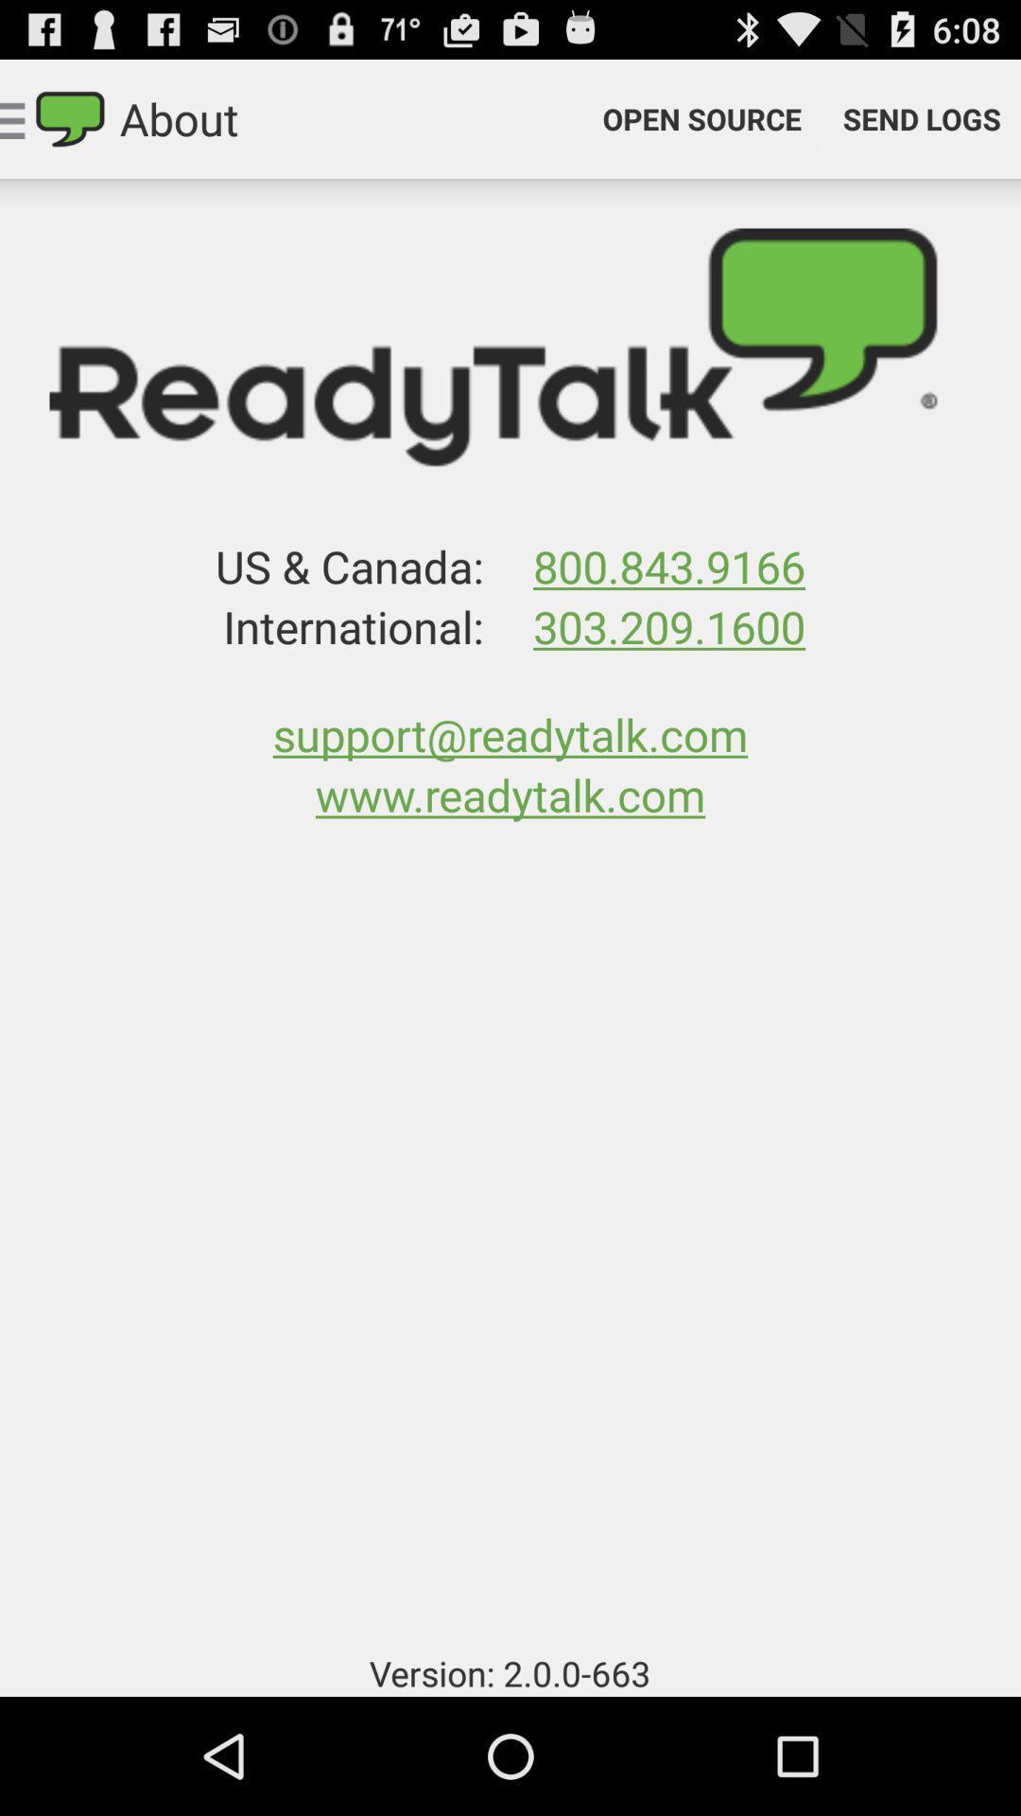 This screenshot has height=1816, width=1021. What do you see at coordinates (668, 626) in the screenshot?
I see `the item below 800.843.9166 icon` at bounding box center [668, 626].